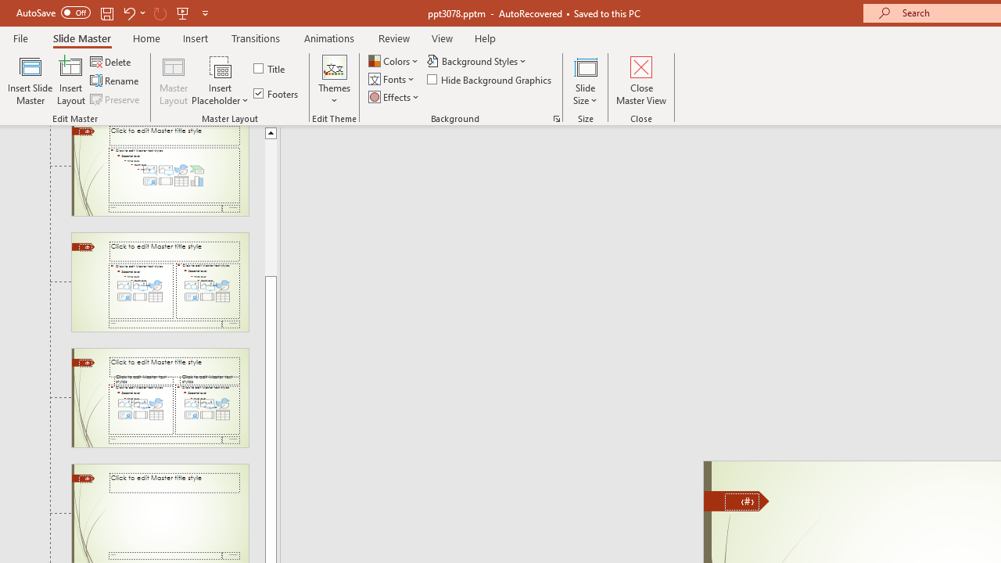 This screenshot has height=563, width=1001. What do you see at coordinates (277, 93) in the screenshot?
I see `'Footers'` at bounding box center [277, 93].